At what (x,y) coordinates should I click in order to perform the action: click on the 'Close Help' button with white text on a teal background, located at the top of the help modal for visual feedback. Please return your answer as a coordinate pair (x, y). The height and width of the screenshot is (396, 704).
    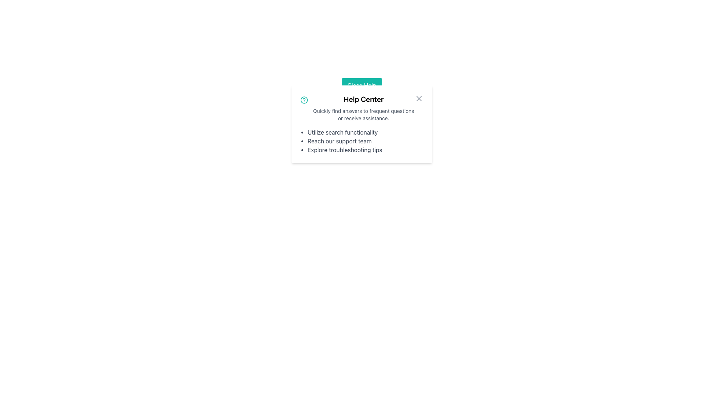
    Looking at the image, I should click on (362, 85).